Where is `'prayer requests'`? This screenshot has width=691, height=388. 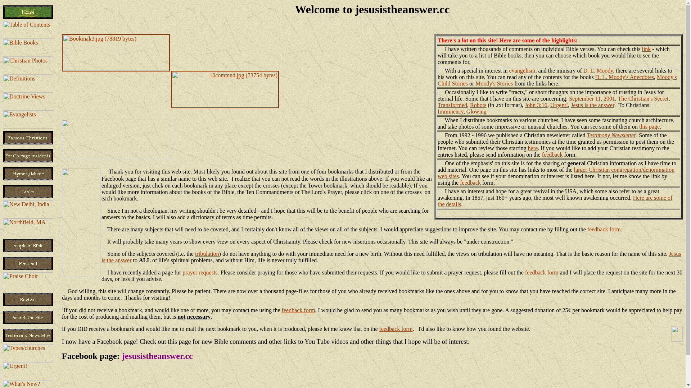 'prayer requests' is located at coordinates (200, 272).